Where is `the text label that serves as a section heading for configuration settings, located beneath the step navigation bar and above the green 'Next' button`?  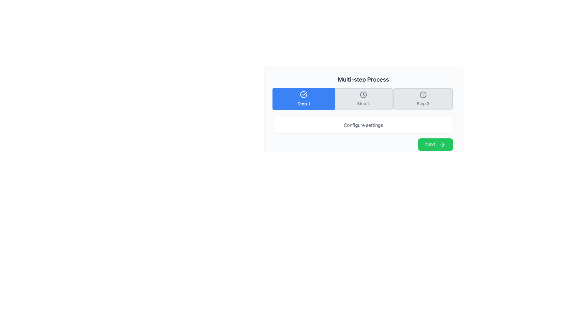 the text label that serves as a section heading for configuration settings, located beneath the step navigation bar and above the green 'Next' button is located at coordinates (363, 125).